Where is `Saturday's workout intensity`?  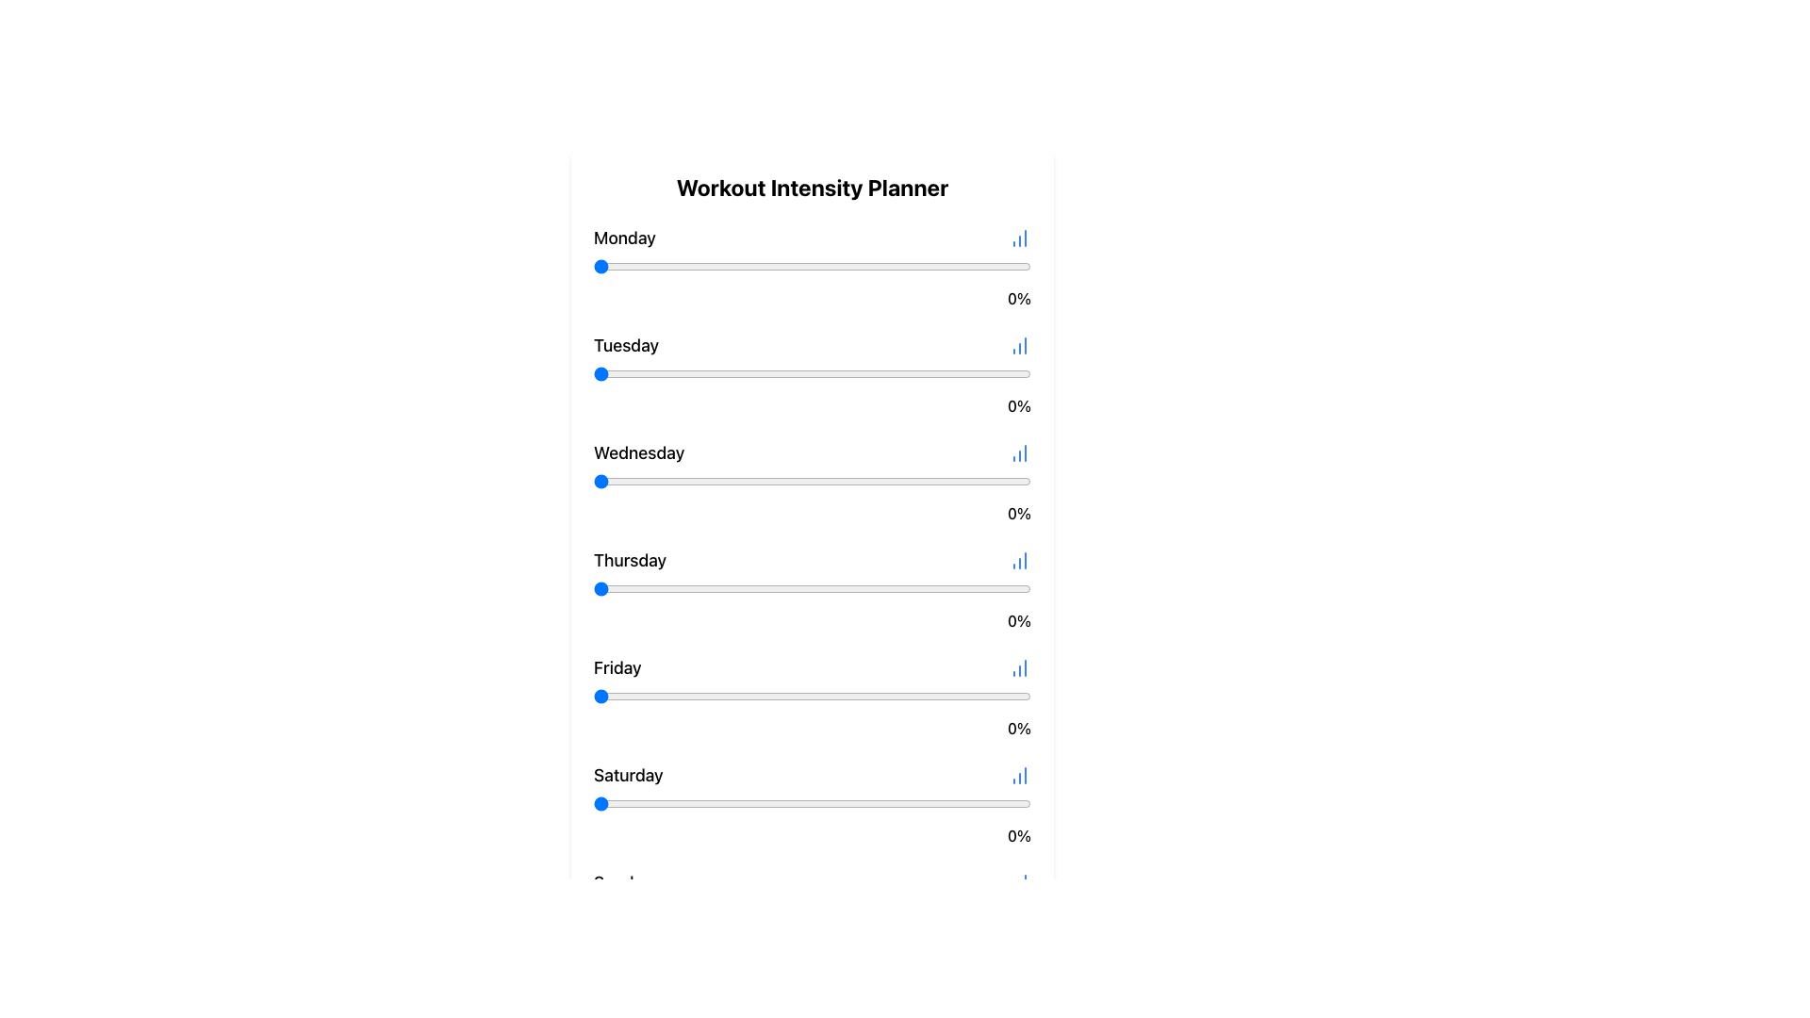 Saturday's workout intensity is located at coordinates (790, 803).